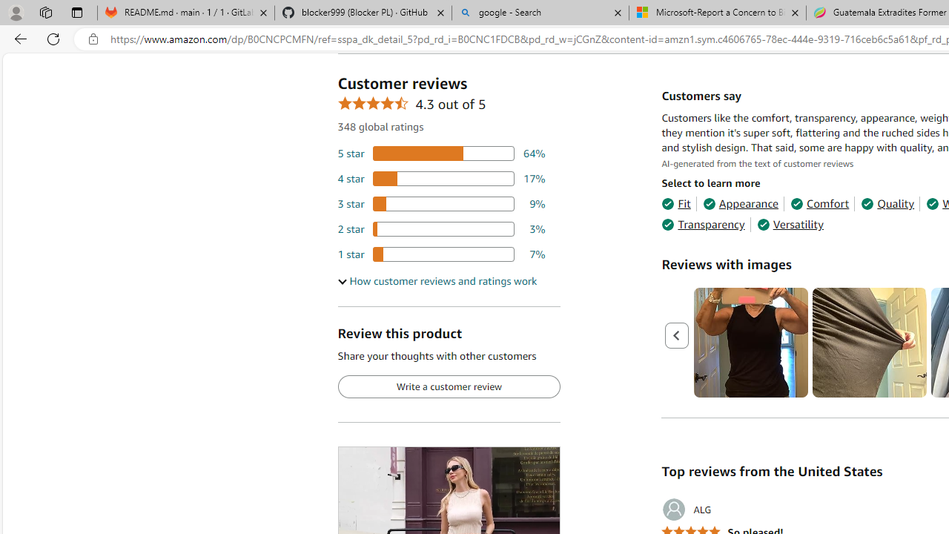  I want to click on 'Appearance', so click(741, 204).